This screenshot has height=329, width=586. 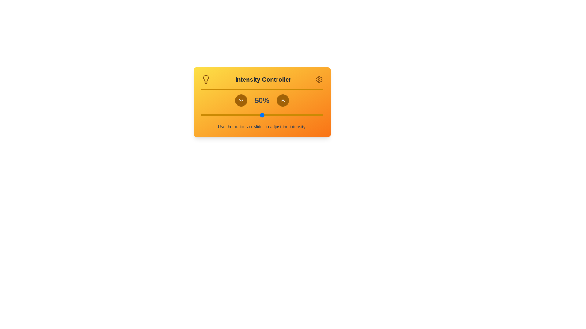 I want to click on text content of the Header section that serves as the title for the Intensity Controller interface, positioned at the upper section of an orange gradient box, so click(x=262, y=82).